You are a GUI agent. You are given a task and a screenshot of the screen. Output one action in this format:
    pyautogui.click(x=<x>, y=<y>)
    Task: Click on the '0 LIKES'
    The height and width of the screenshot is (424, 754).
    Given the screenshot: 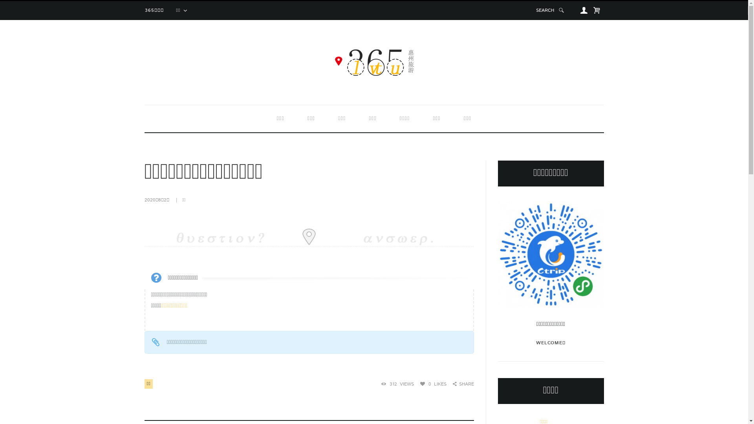 What is the action you would take?
    pyautogui.click(x=433, y=384)
    